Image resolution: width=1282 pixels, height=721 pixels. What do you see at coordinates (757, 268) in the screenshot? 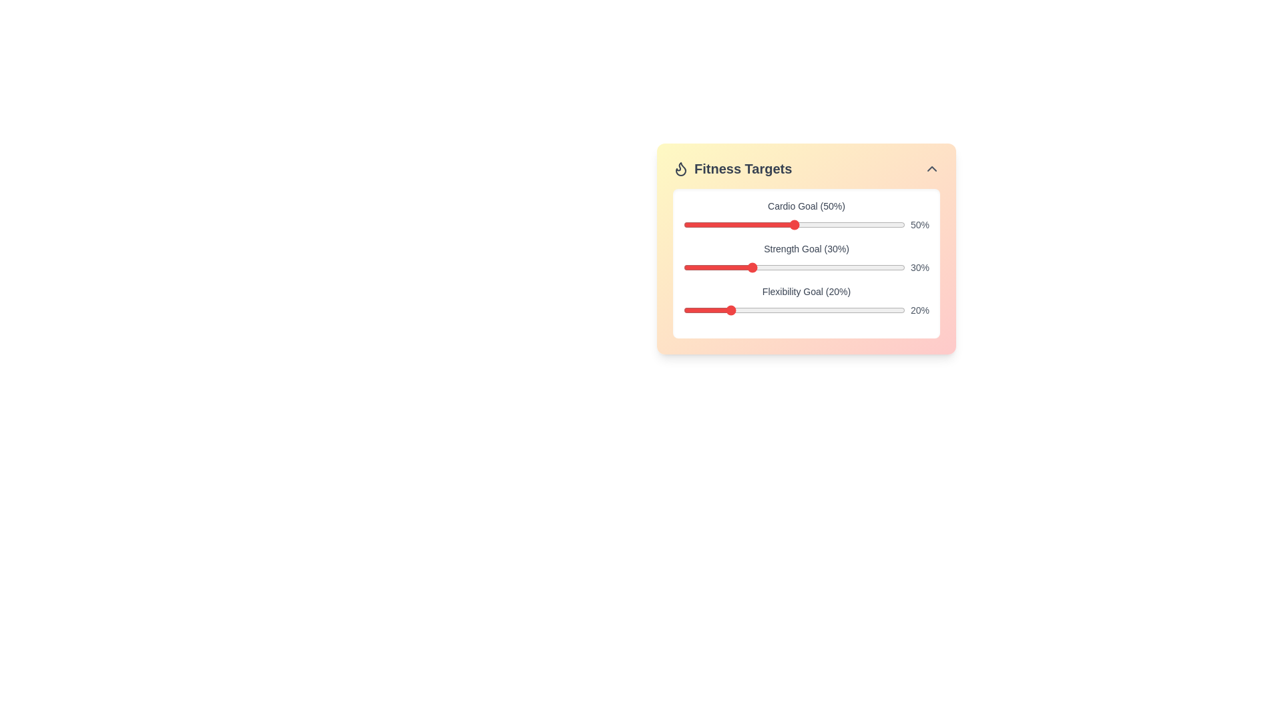
I see `the strength goal slider to 33% by dragging the slider` at bounding box center [757, 268].